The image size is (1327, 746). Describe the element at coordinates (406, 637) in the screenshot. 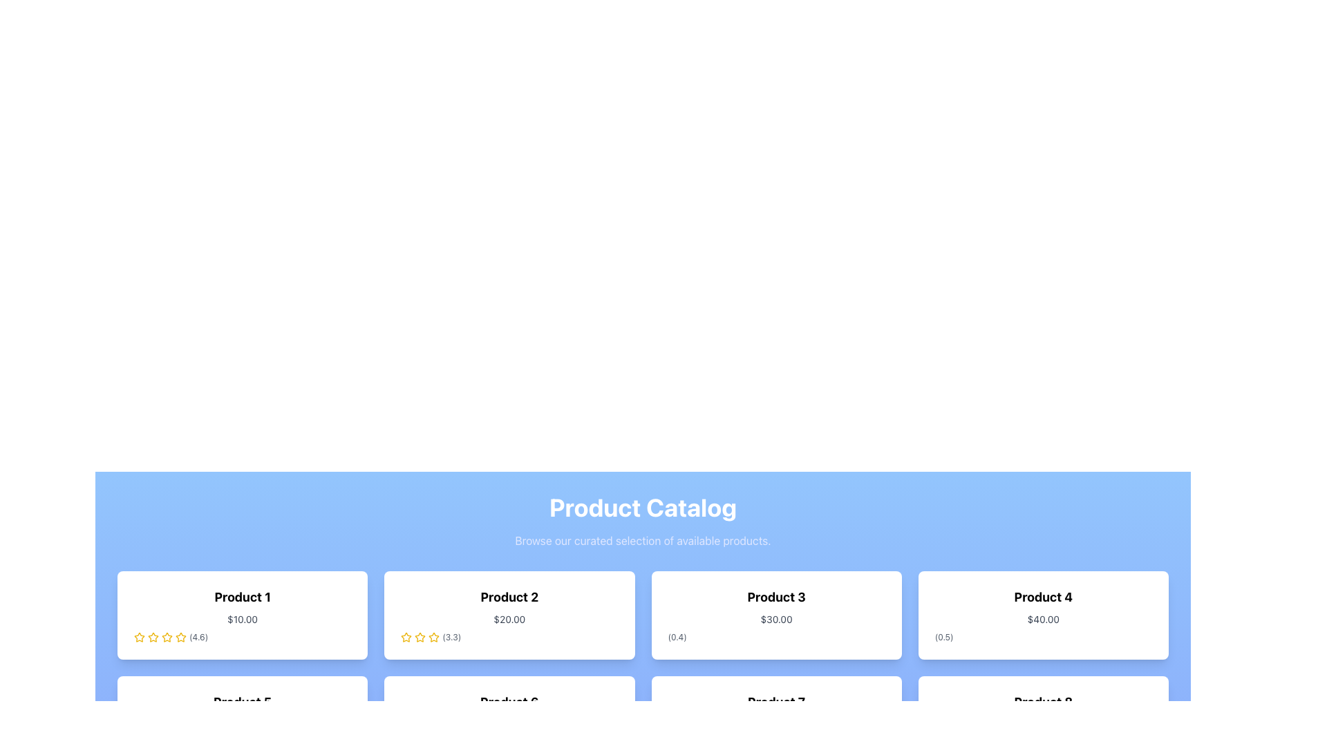

I see `the first graphical star icon in the star rating display for 'Product 2', which is styled with a yellow outline and located directly above its price and below the title` at that location.